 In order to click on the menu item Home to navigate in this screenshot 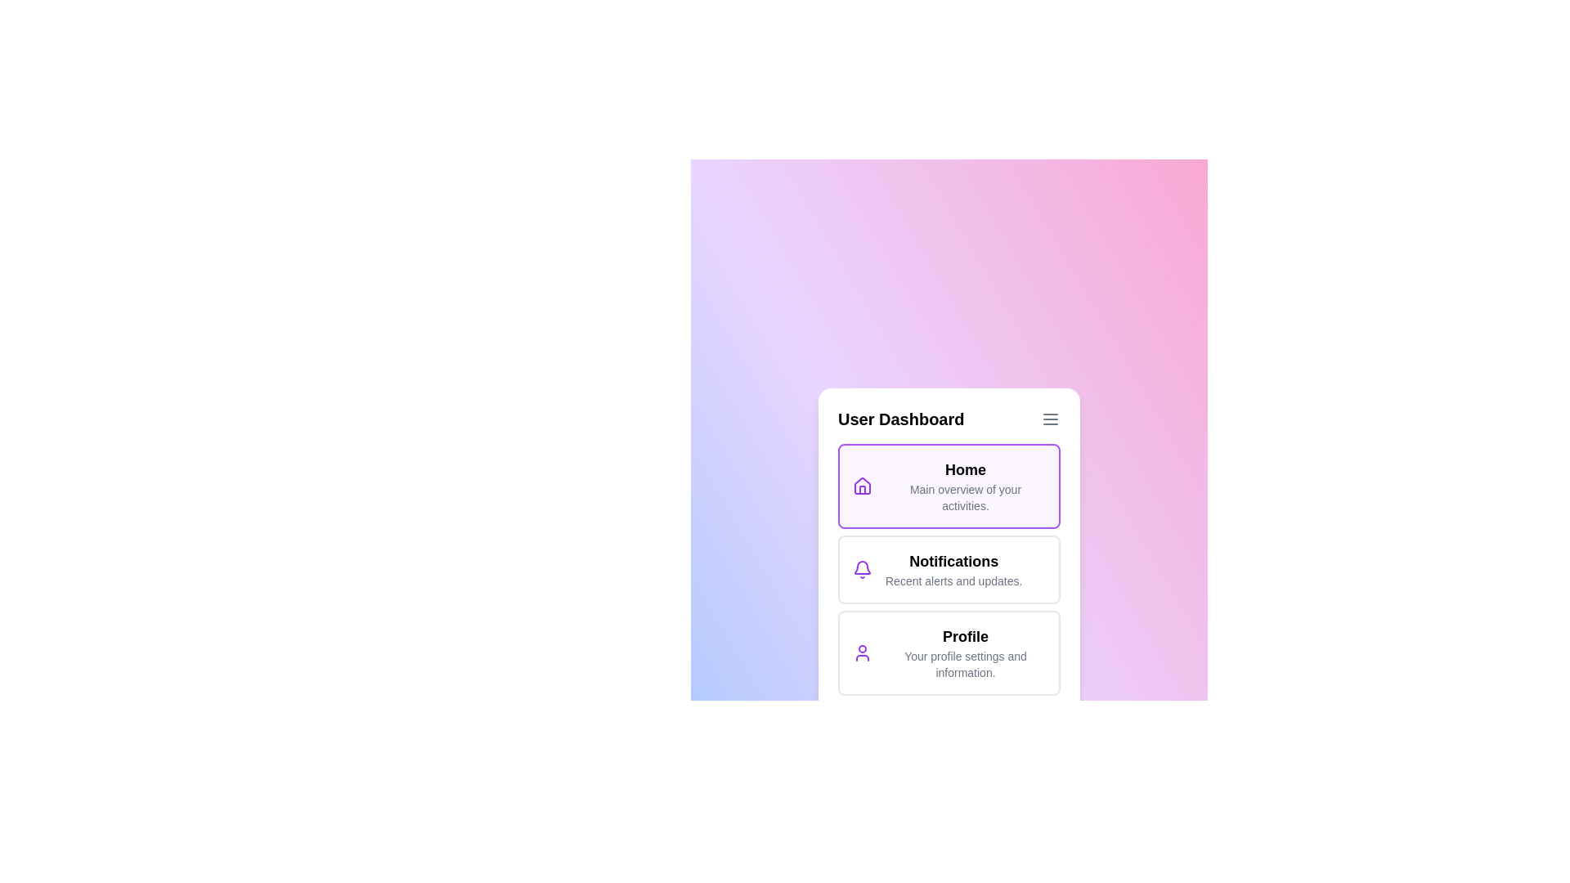, I will do `click(949, 485)`.